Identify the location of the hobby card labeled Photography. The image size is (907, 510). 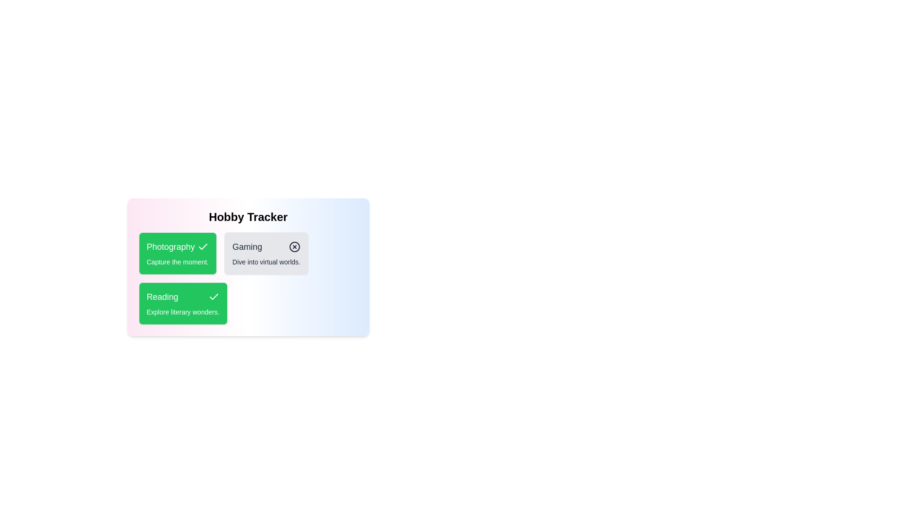
(177, 253).